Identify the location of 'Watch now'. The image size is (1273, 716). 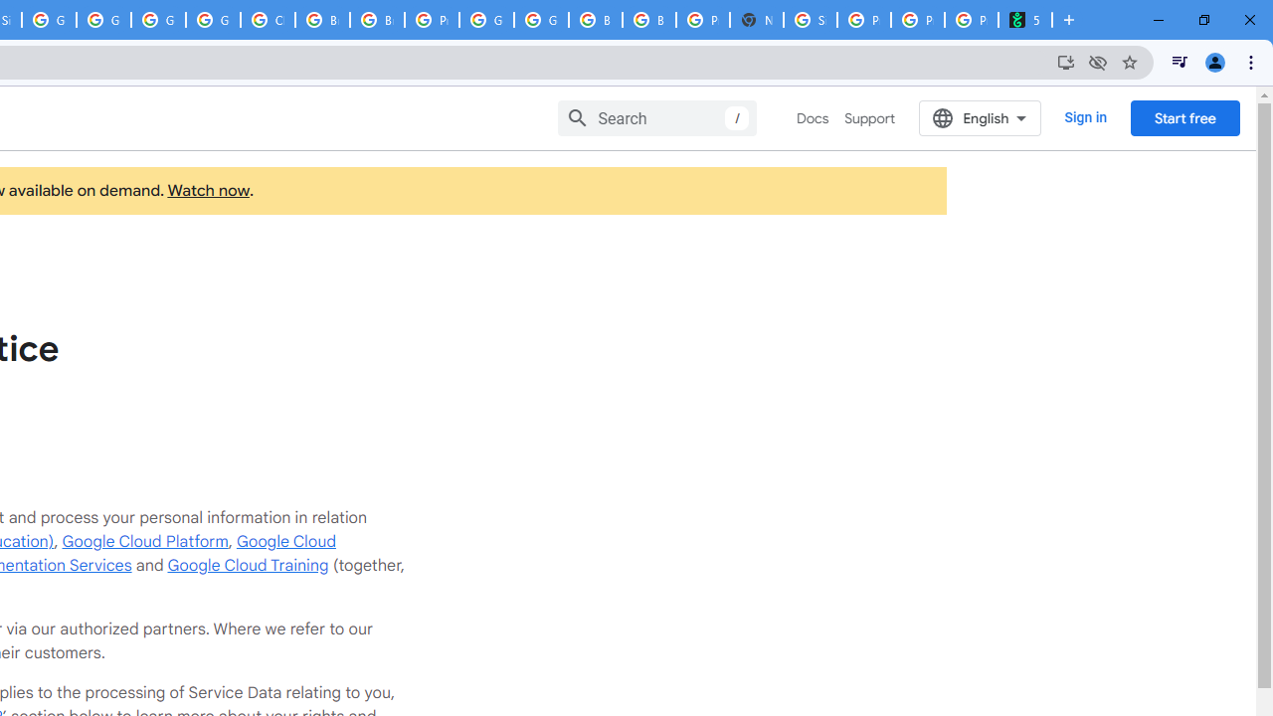
(208, 191).